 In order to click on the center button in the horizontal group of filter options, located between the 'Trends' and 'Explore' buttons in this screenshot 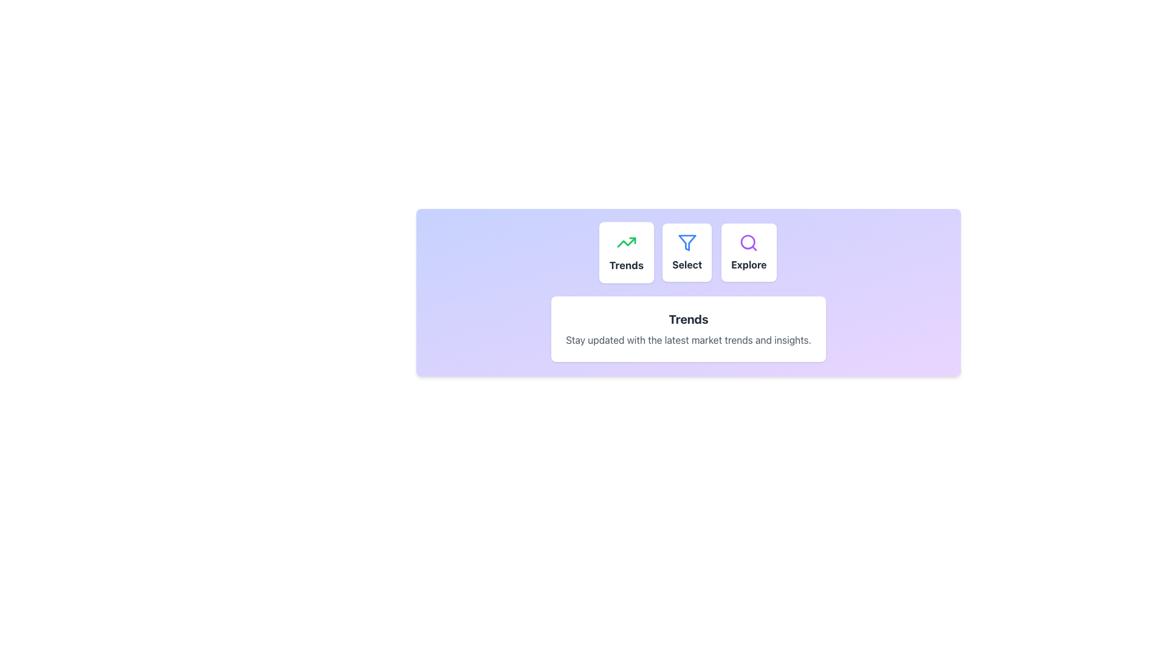, I will do `click(687, 252)`.